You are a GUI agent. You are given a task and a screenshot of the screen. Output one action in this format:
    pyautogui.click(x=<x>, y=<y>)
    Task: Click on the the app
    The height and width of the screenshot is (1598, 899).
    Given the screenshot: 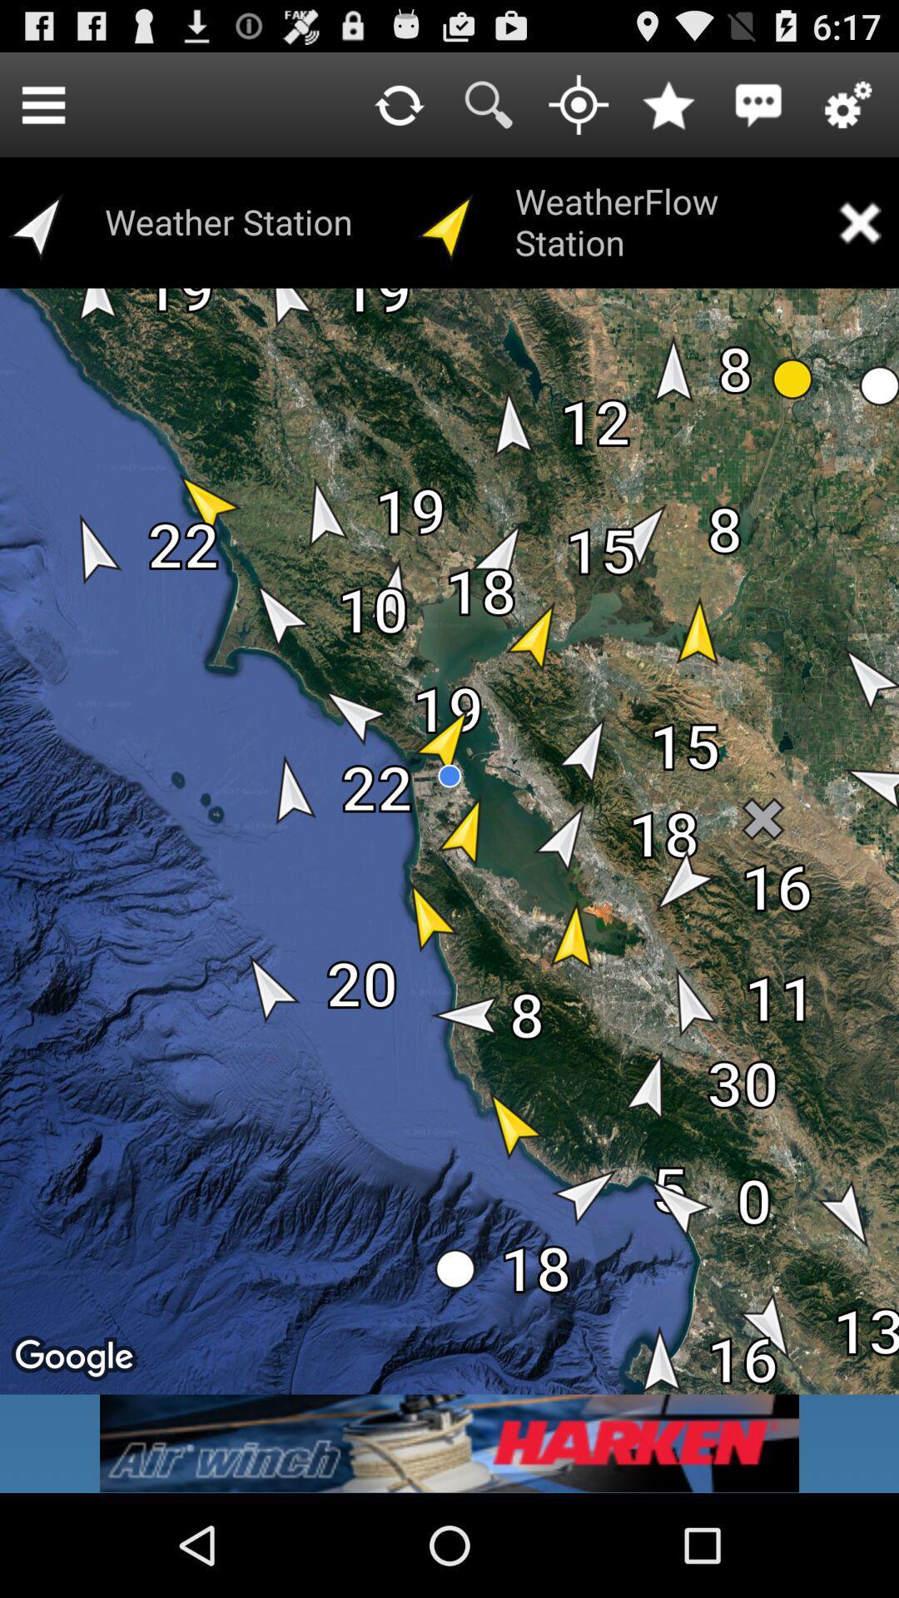 What is the action you would take?
    pyautogui.click(x=859, y=221)
    